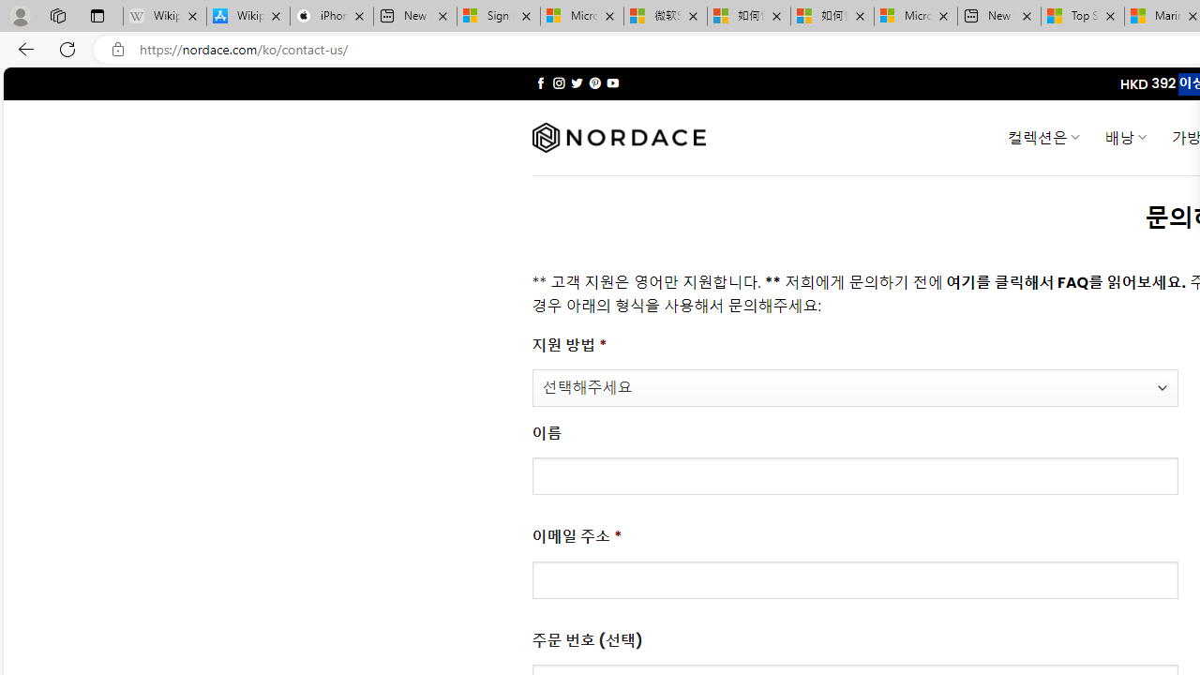 This screenshot has width=1200, height=675. Describe the element at coordinates (576, 82) in the screenshot. I see `'Follow on Twitter'` at that location.